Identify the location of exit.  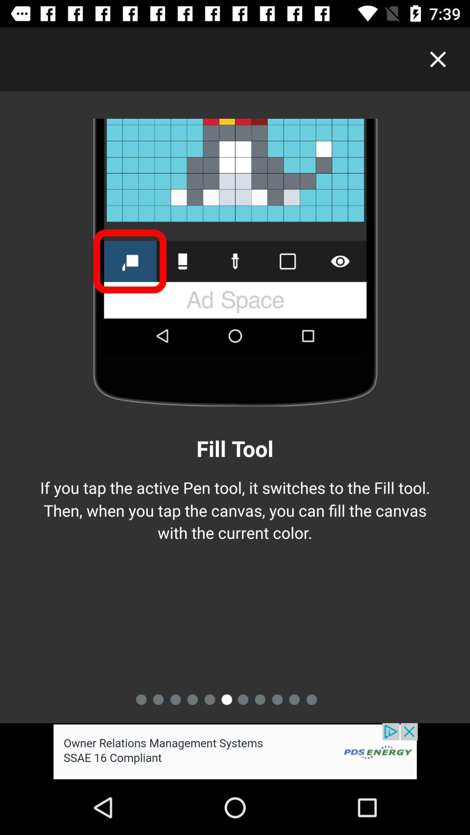
(438, 59).